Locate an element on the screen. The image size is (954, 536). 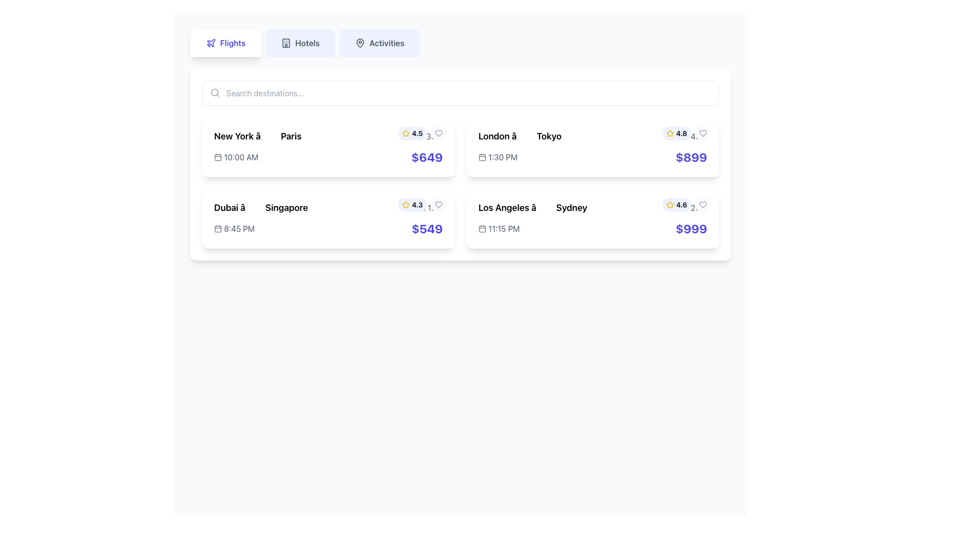
text of the price label displaying the flight cost, located near the right edge of the first card in the top row, just below the time '10:00 AM' is located at coordinates (427, 156).